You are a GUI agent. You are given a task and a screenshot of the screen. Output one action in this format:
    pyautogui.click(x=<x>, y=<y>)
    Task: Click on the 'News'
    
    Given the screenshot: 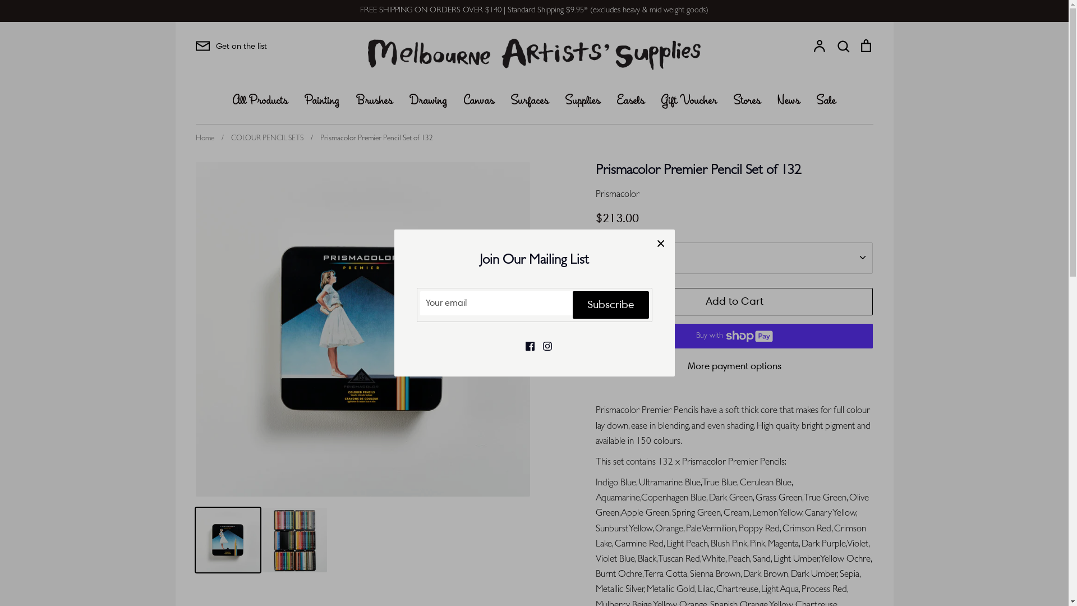 What is the action you would take?
    pyautogui.click(x=788, y=101)
    